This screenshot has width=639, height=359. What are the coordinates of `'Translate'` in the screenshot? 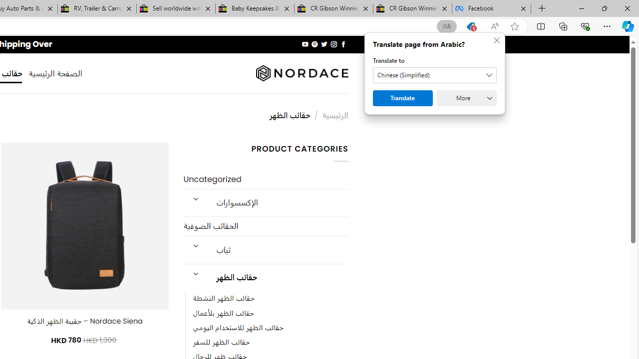 It's located at (403, 98).